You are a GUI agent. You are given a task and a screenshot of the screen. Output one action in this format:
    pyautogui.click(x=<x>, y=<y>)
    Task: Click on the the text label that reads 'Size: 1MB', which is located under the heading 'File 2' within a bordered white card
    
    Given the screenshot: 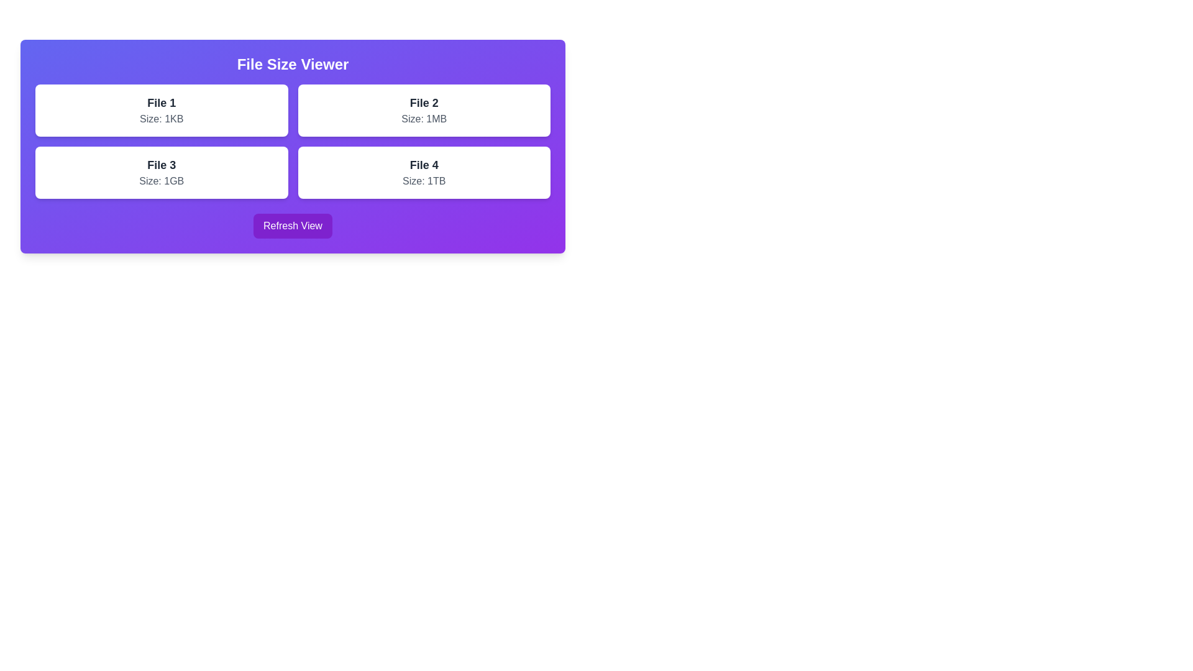 What is the action you would take?
    pyautogui.click(x=424, y=119)
    